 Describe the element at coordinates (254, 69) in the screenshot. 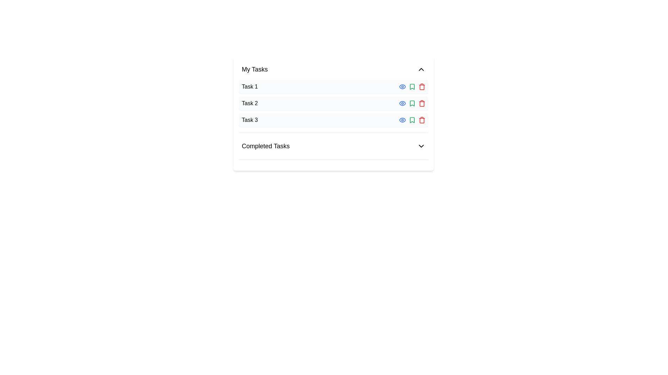

I see `the label that serves as a header for the list of tasks, located at the top-left of the card` at that location.